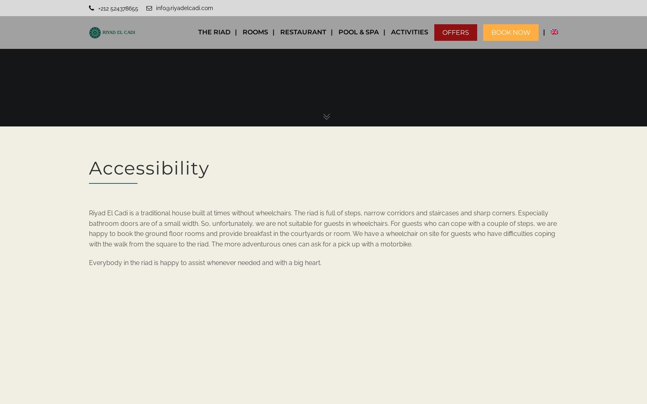 The height and width of the screenshot is (404, 647). I want to click on 'Marrakech', so click(414, 86).